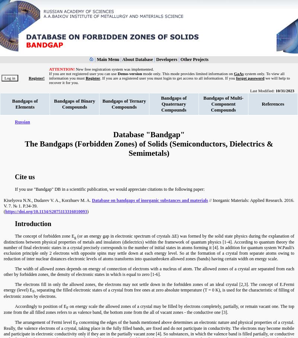 The height and width of the screenshot is (338, 298). I want to click on '(', so click(4, 211).